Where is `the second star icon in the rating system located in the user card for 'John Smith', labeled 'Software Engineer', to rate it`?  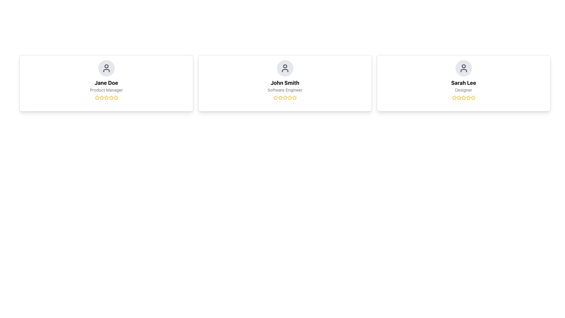
the second star icon in the rating system located in the user card for 'John Smith', labeled 'Software Engineer', to rate it is located at coordinates (280, 97).